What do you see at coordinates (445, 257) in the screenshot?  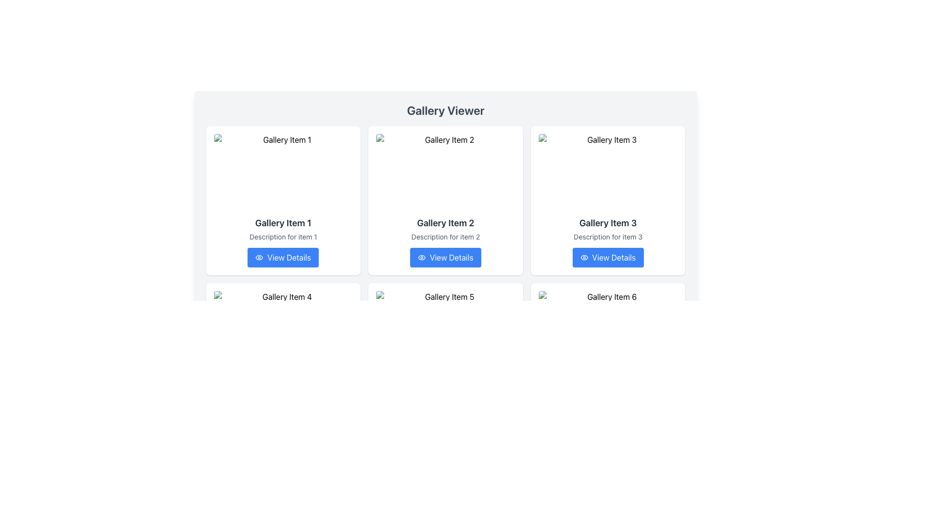 I see `the 'View Details' button with a blue background and white text located below the 'Description for item 2' in the card labeled 'Gallery Item 2'` at bounding box center [445, 257].